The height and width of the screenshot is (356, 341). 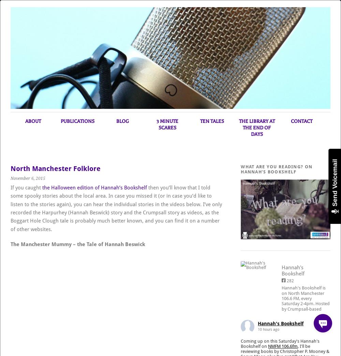 I want to click on 'Hannah's Bookshelf is on North Manchester 106.6 FM, every Saturday 2-4pm. Hosted by Crumpsall-based', so click(x=281, y=298).